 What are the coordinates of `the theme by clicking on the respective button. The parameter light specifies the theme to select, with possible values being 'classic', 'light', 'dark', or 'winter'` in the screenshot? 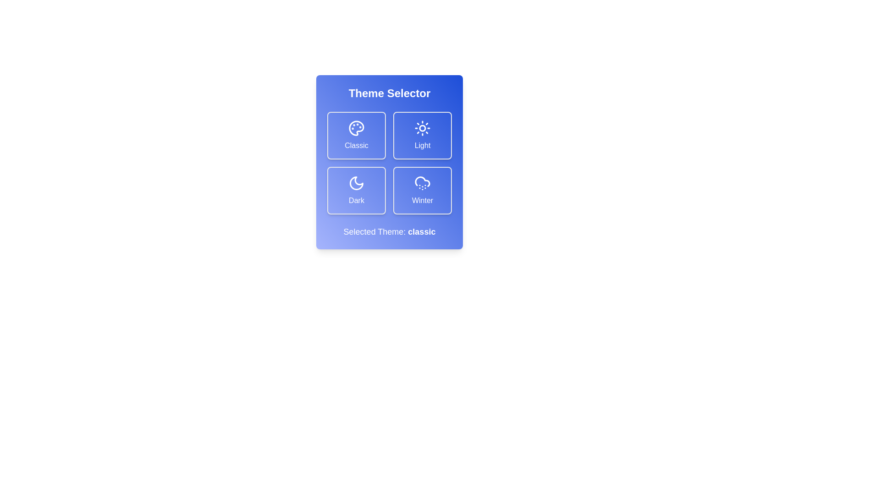 It's located at (422, 136).